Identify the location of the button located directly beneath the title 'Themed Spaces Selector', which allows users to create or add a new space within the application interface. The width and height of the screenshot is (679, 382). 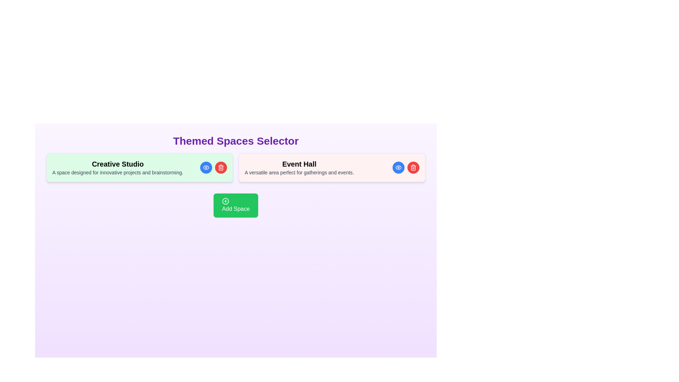
(236, 206).